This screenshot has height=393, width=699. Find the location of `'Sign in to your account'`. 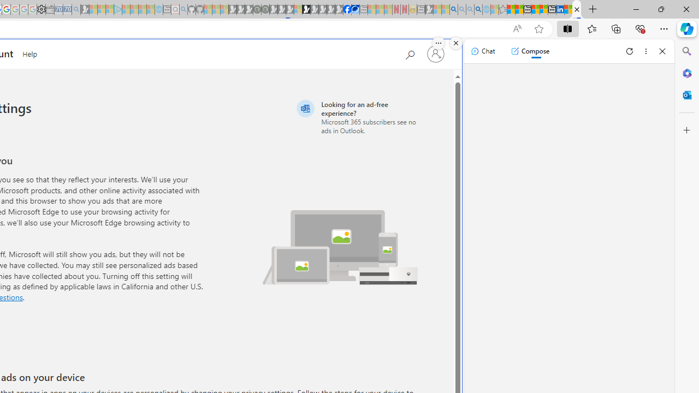

'Sign in to your account' is located at coordinates (435, 54).